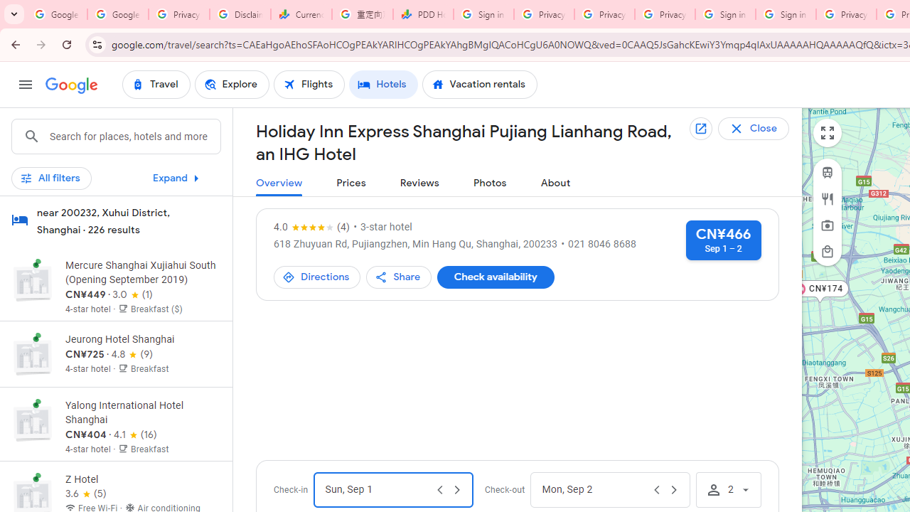 This screenshot has height=512, width=910. What do you see at coordinates (51, 177) in the screenshot?
I see `'All filters'` at bounding box center [51, 177].